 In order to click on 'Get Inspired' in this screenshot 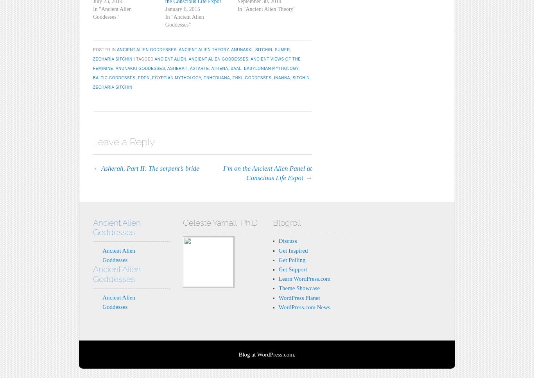, I will do `click(278, 250)`.